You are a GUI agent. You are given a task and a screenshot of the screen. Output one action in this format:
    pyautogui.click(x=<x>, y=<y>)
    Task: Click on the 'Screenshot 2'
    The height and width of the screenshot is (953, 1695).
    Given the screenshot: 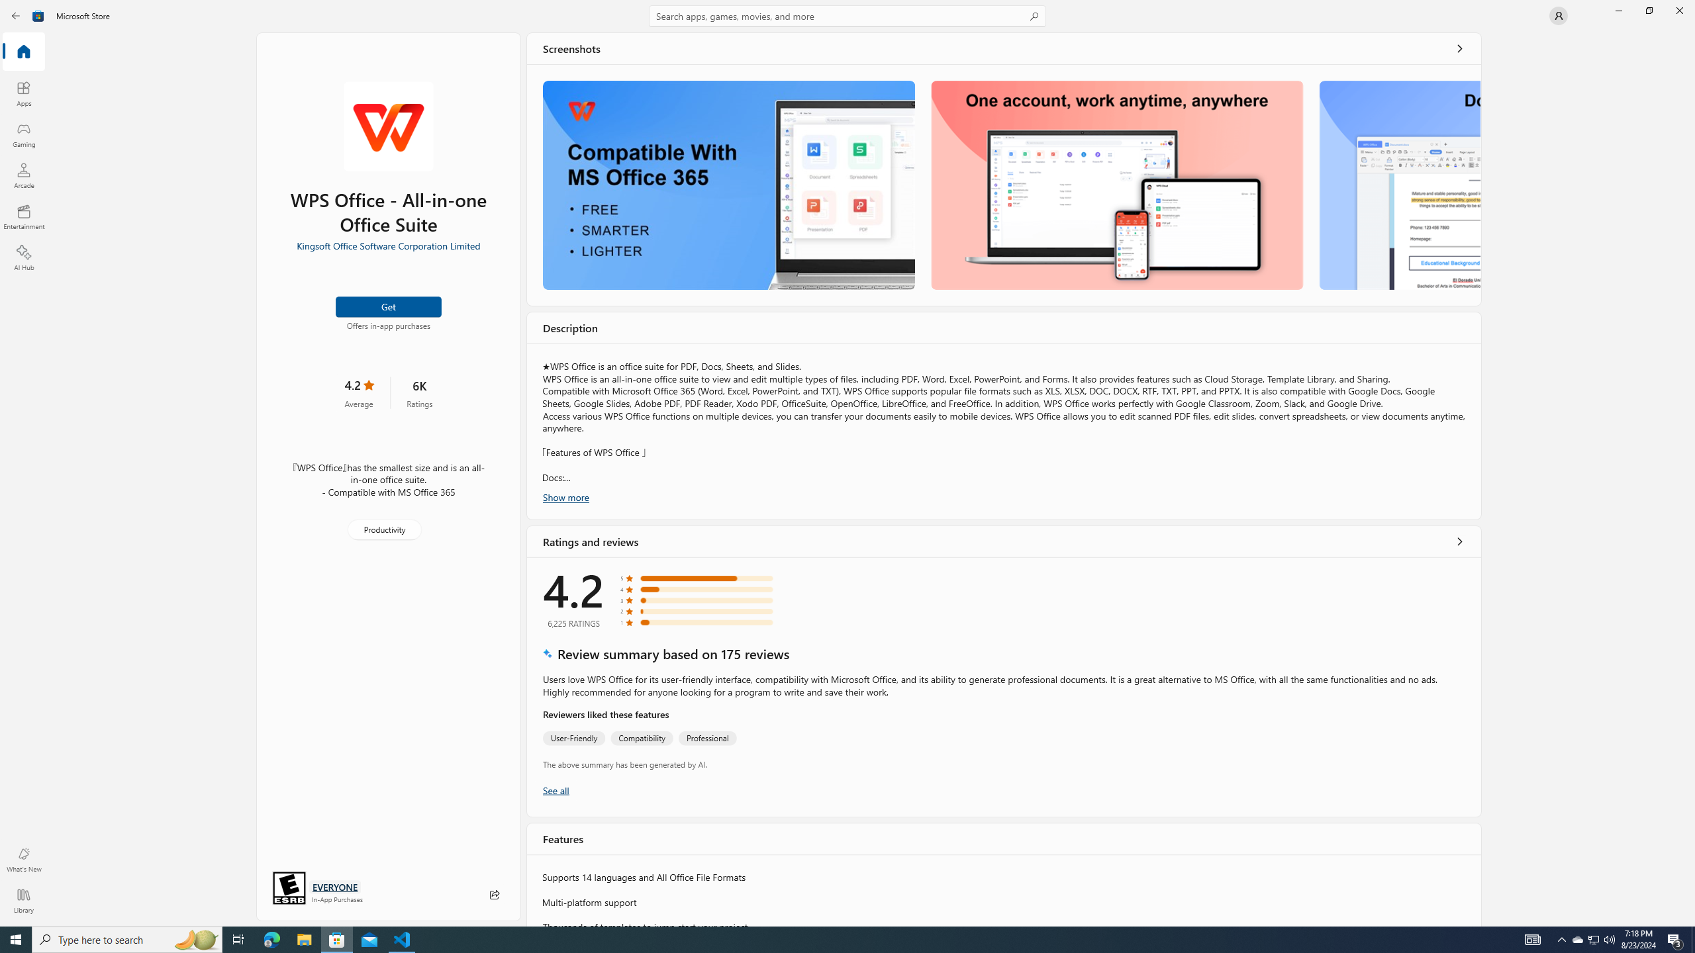 What is the action you would take?
    pyautogui.click(x=1117, y=185)
    